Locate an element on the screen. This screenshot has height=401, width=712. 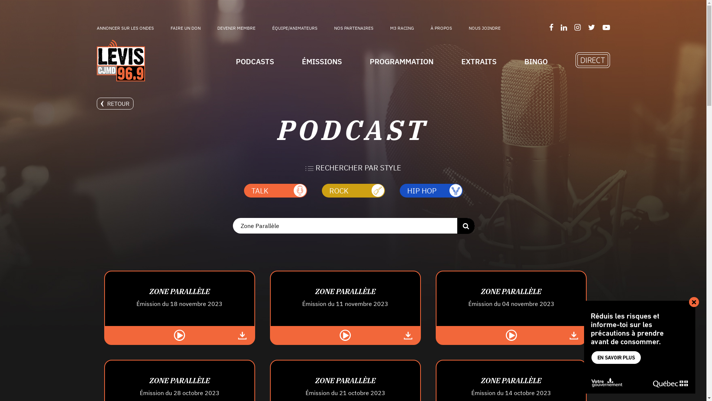
'FAIRE UN DON' is located at coordinates (185, 27).